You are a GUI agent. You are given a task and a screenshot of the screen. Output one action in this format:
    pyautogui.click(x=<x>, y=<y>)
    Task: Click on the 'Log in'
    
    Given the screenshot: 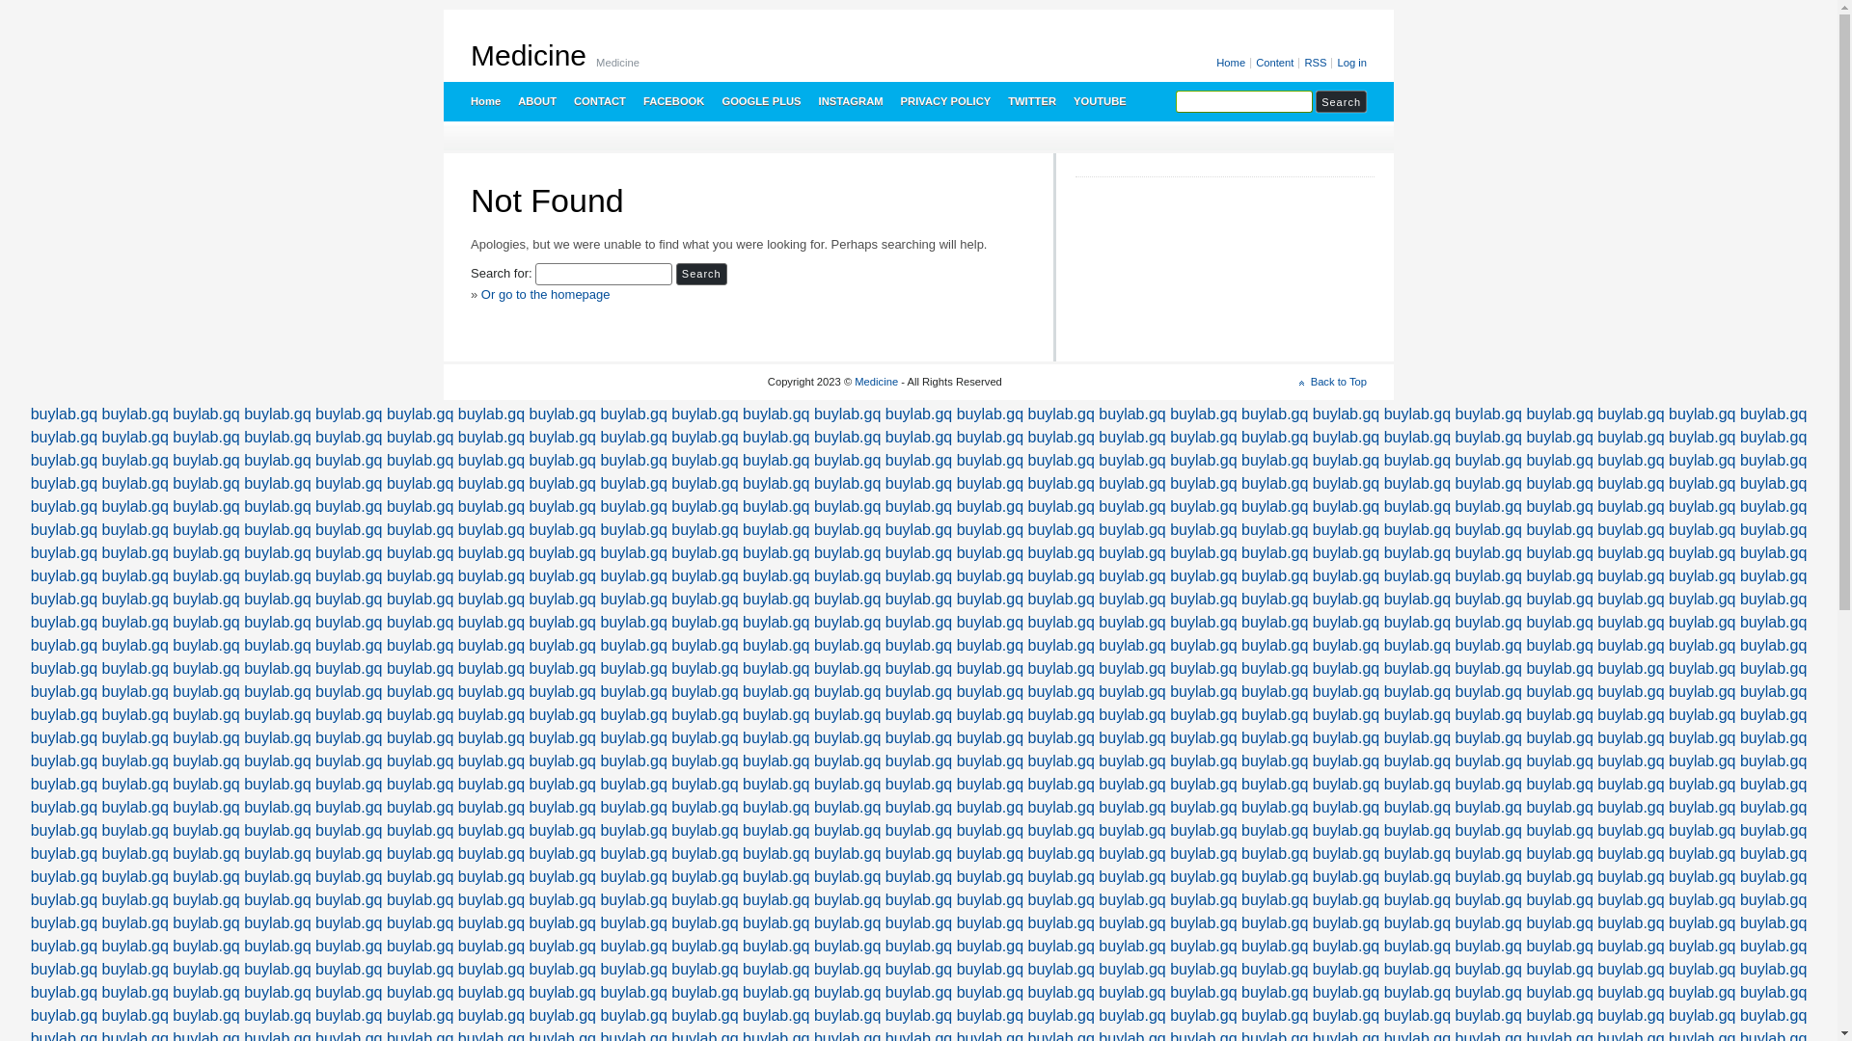 What is the action you would take?
    pyautogui.click(x=1348, y=62)
    